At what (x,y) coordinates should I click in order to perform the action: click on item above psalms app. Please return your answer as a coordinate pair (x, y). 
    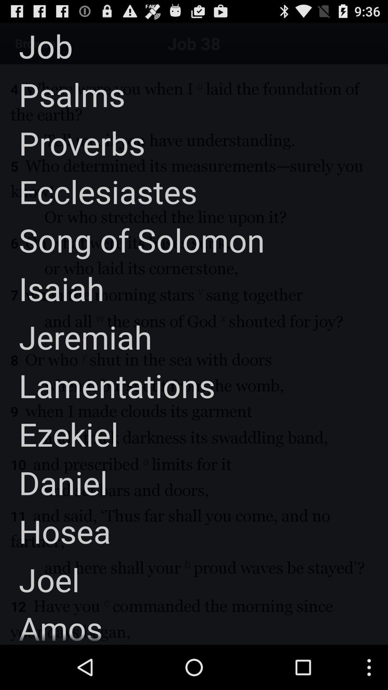
    Looking at the image, I should click on (36, 45).